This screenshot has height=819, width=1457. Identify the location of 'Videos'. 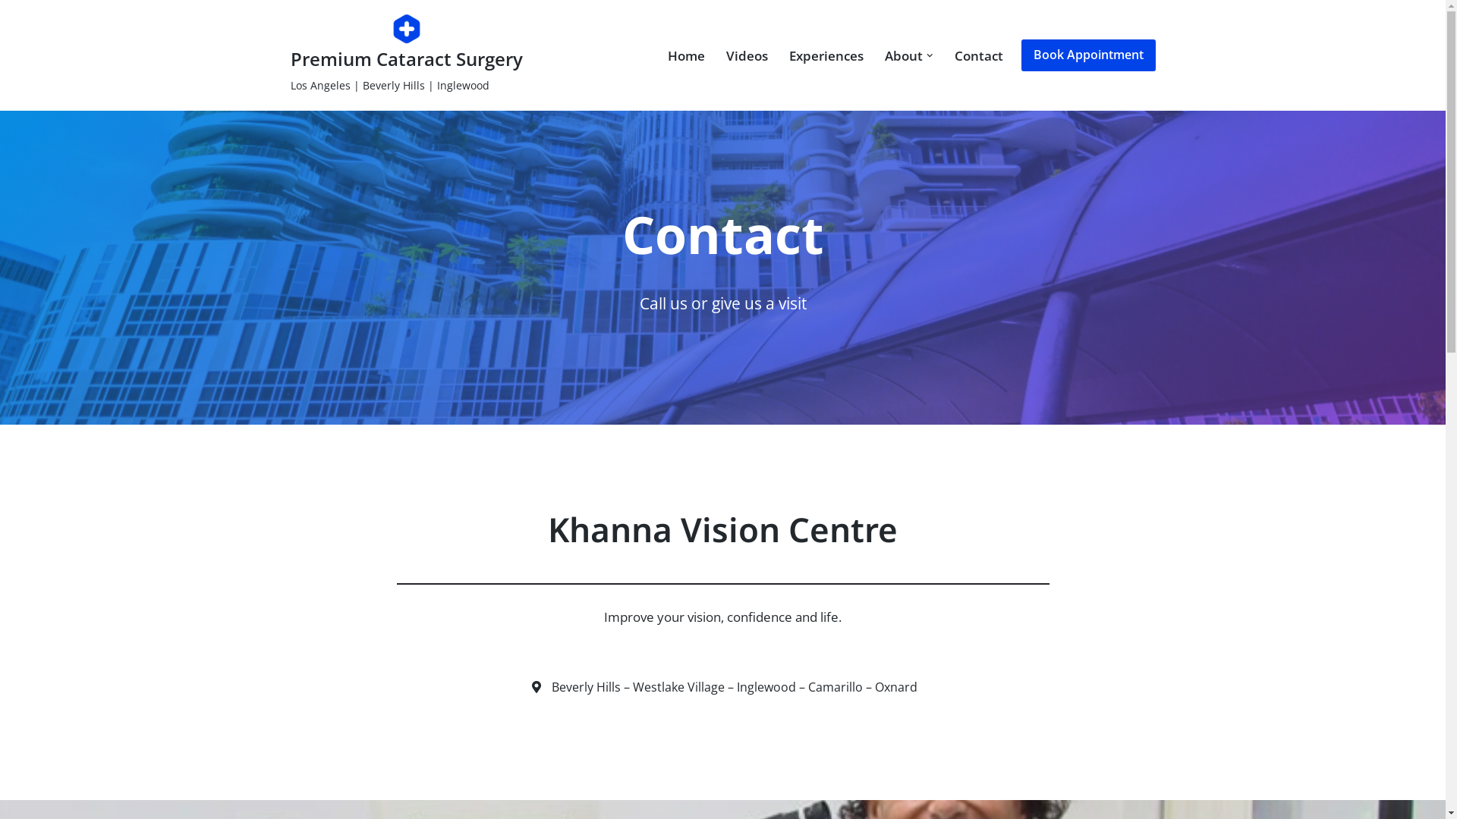
(747, 55).